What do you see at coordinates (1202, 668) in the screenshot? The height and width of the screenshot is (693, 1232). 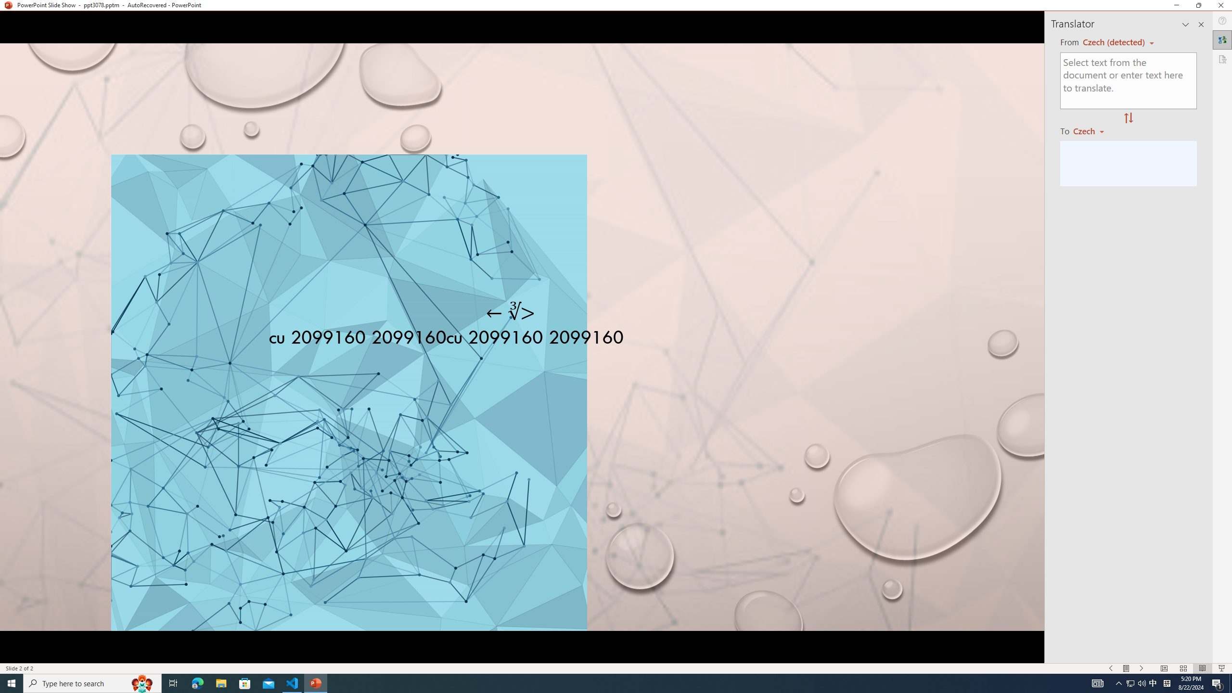 I see `'Reading View'` at bounding box center [1202, 668].